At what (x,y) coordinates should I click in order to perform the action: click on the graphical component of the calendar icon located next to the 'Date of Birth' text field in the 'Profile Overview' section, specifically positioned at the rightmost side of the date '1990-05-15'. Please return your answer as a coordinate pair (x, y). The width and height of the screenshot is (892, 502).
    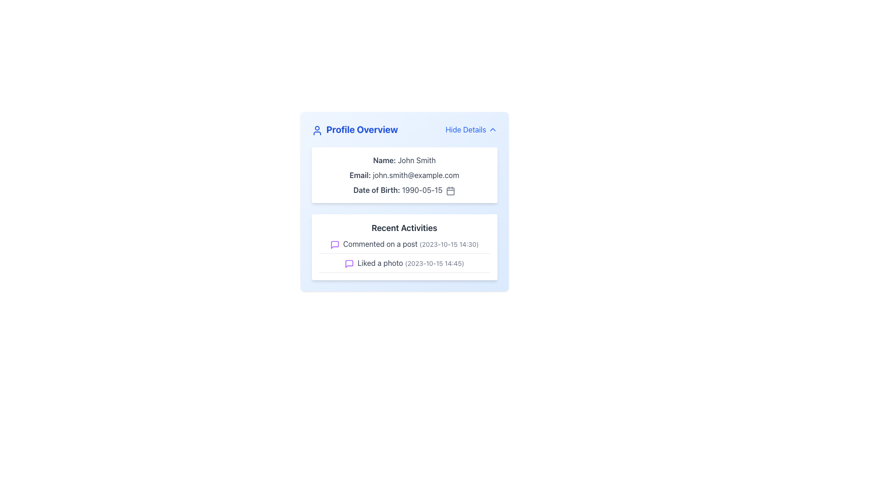
    Looking at the image, I should click on (451, 191).